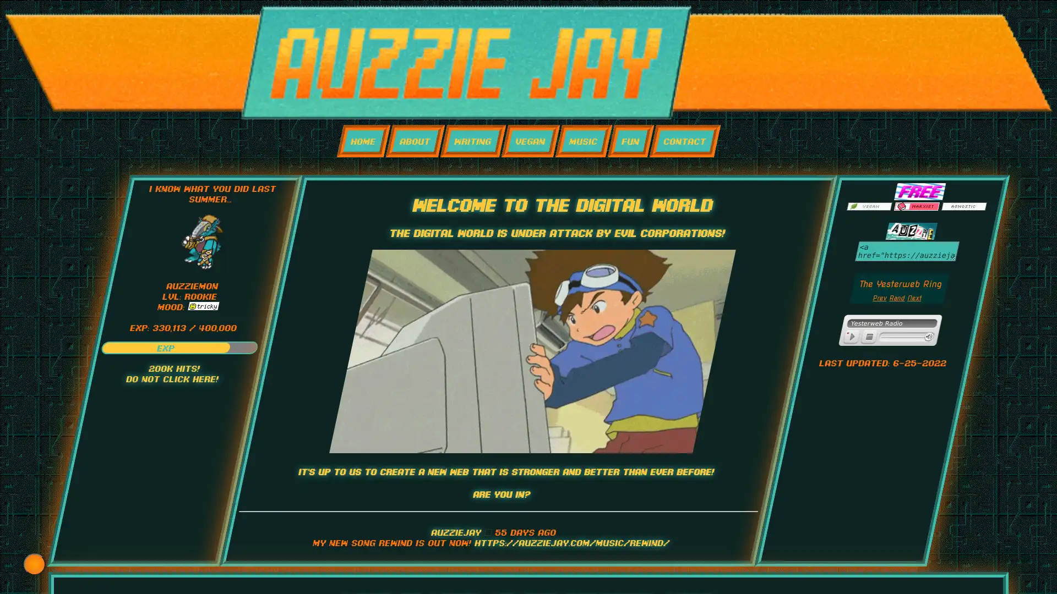 The width and height of the screenshot is (1057, 594). What do you see at coordinates (363, 140) in the screenshot?
I see `HOME` at bounding box center [363, 140].